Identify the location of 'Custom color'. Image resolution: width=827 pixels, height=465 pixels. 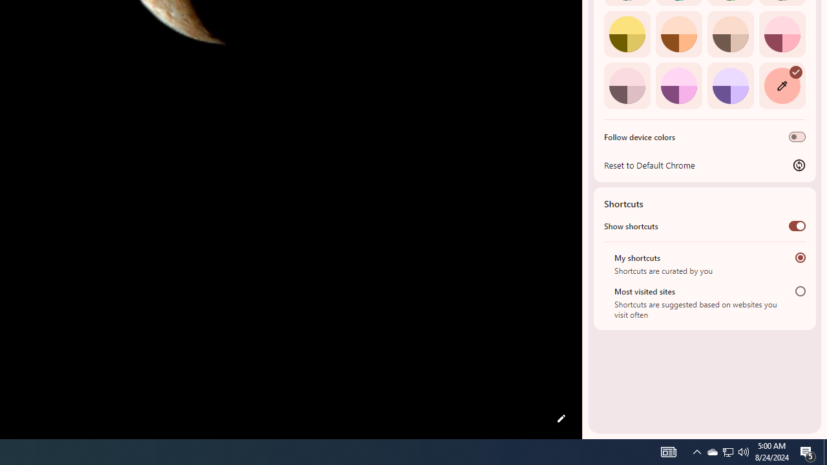
(781, 85).